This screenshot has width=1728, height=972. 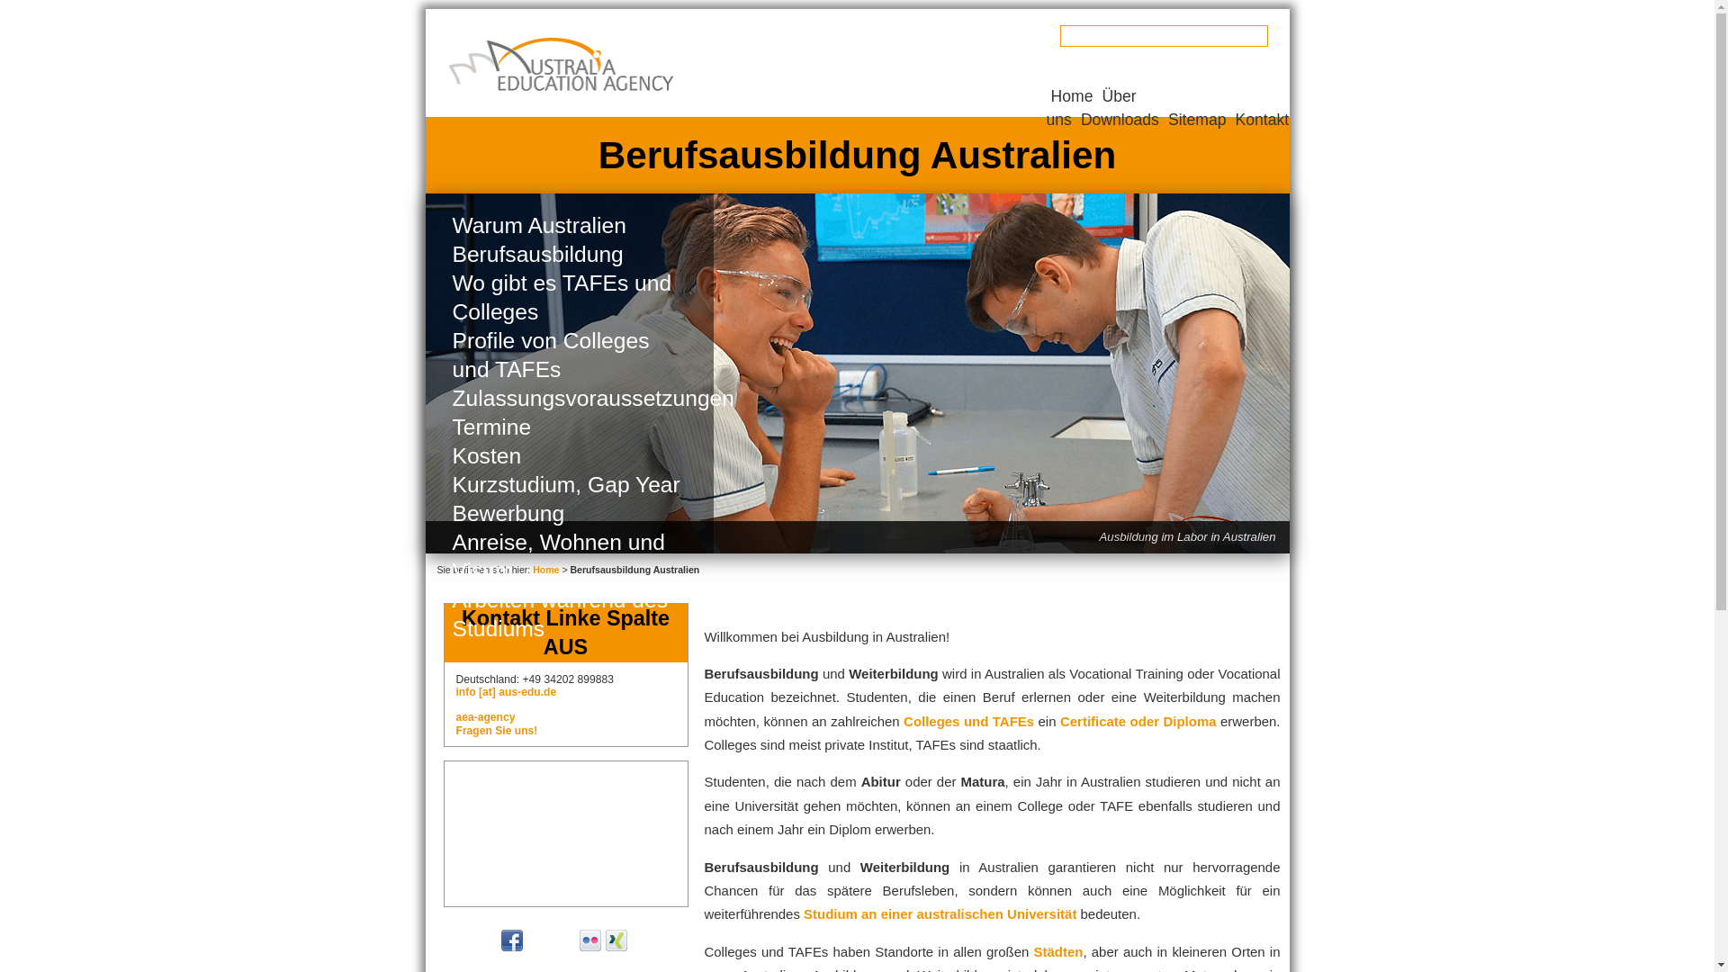 What do you see at coordinates (643, 940) in the screenshot?
I see `'LinkedIn'` at bounding box center [643, 940].